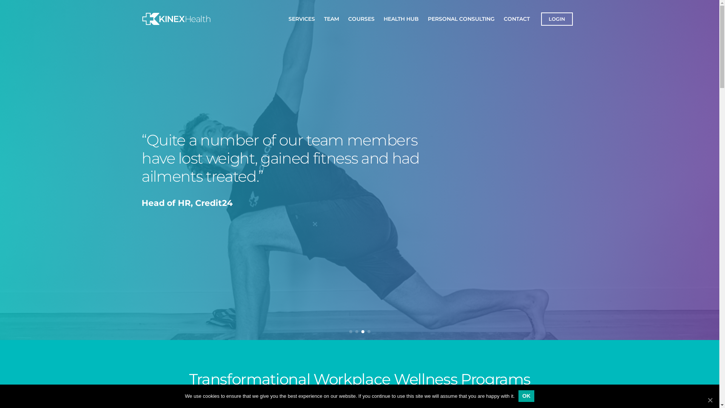 The image size is (725, 408). Describe the element at coordinates (8, 0) in the screenshot. I see `'Skip to primary navigation'` at that location.